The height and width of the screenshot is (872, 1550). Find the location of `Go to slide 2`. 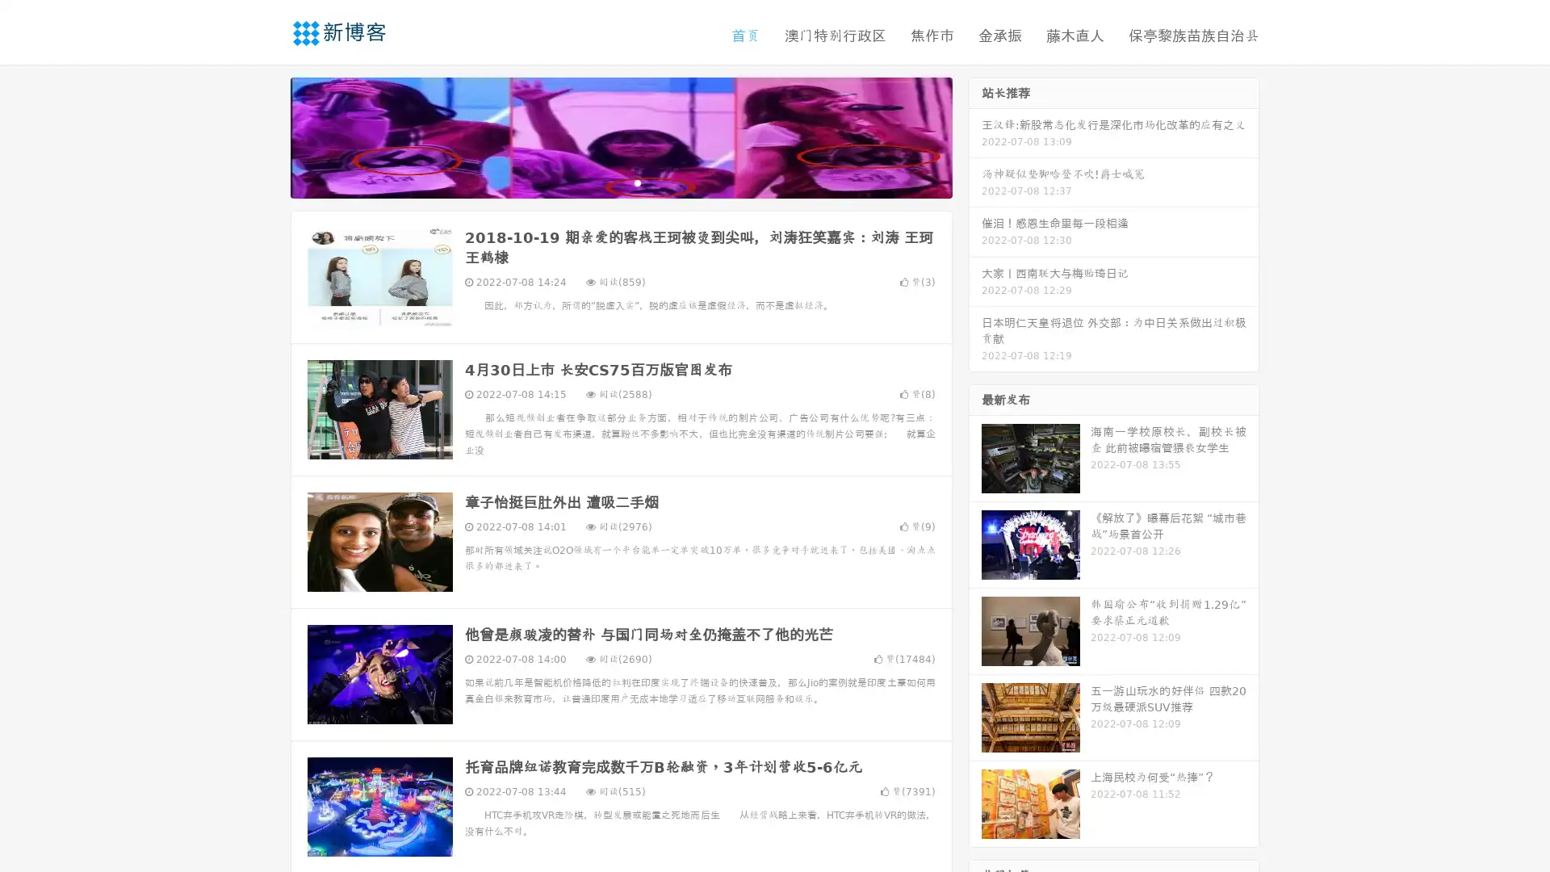

Go to slide 2 is located at coordinates (620, 182).